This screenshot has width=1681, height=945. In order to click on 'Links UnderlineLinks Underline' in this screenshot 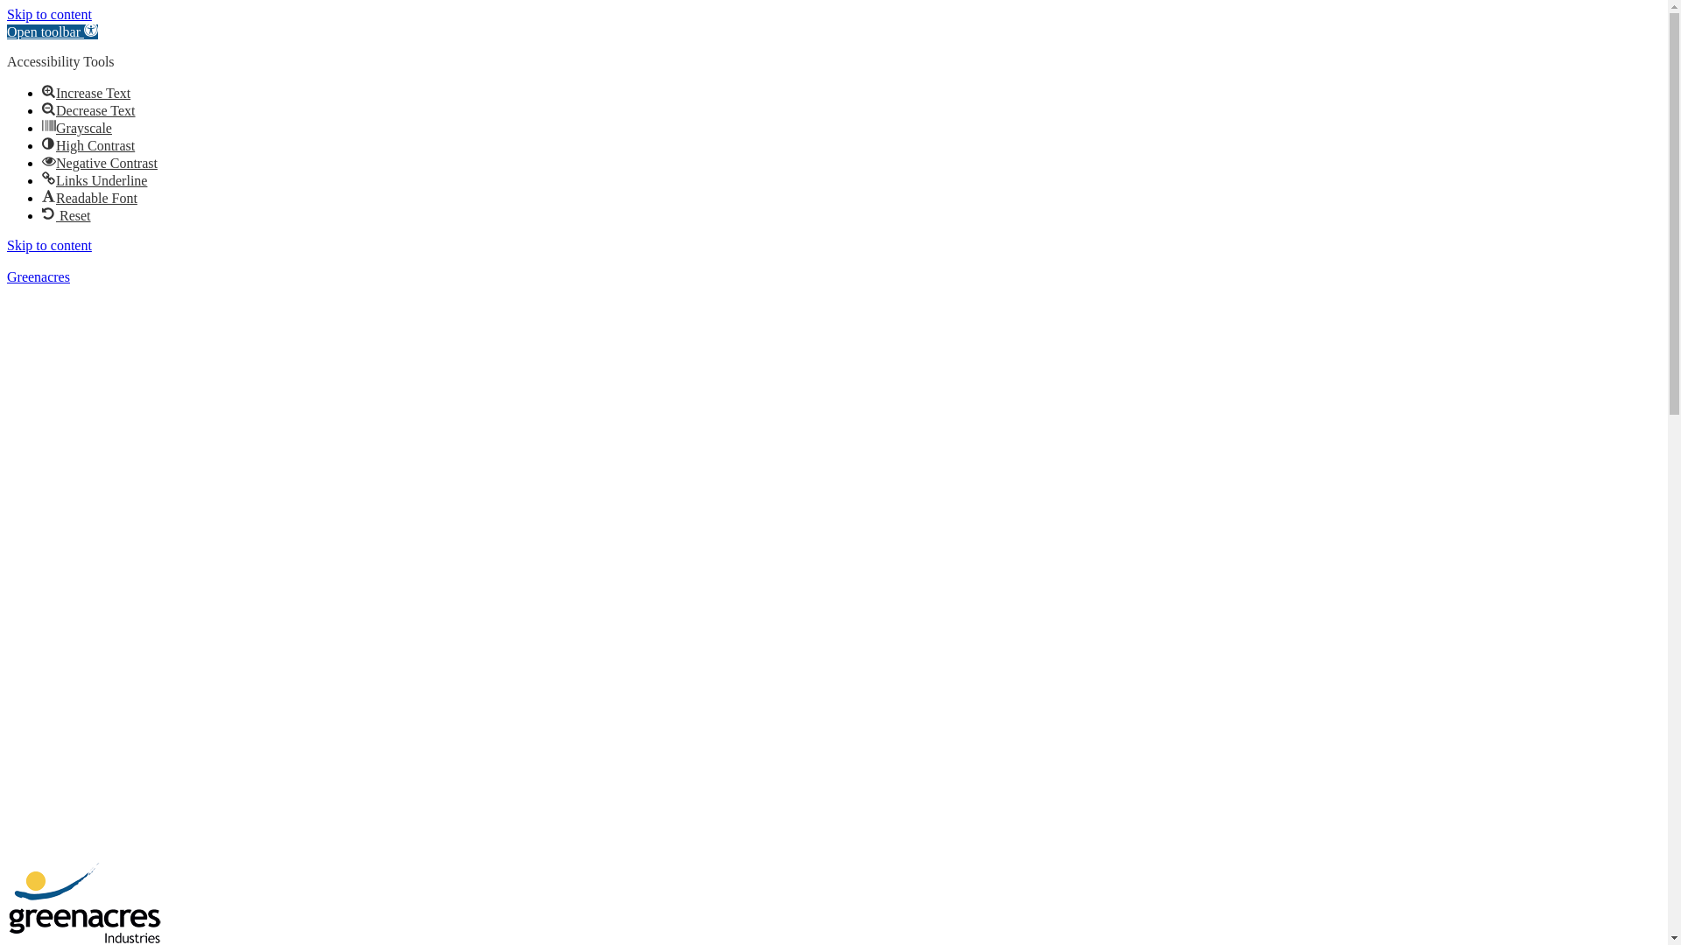, I will do `click(93, 180)`.